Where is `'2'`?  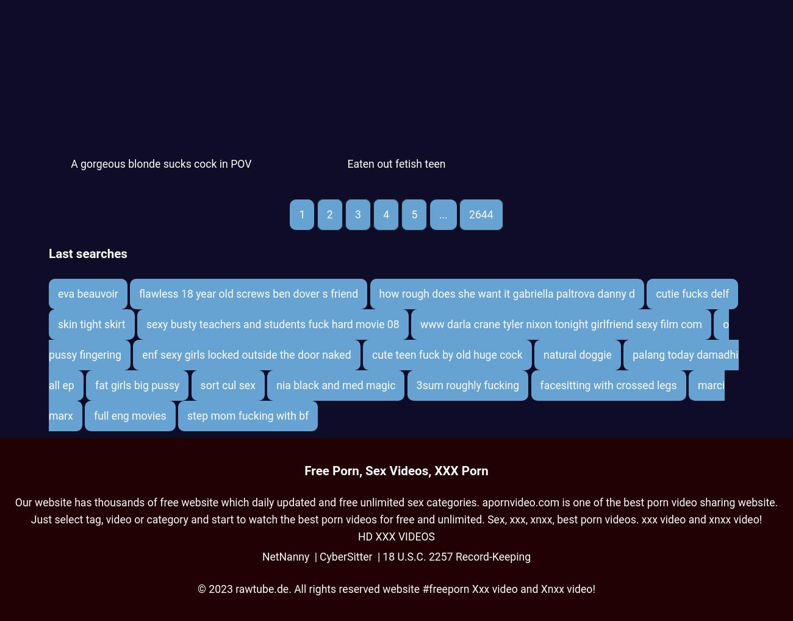
'2' is located at coordinates (329, 214).